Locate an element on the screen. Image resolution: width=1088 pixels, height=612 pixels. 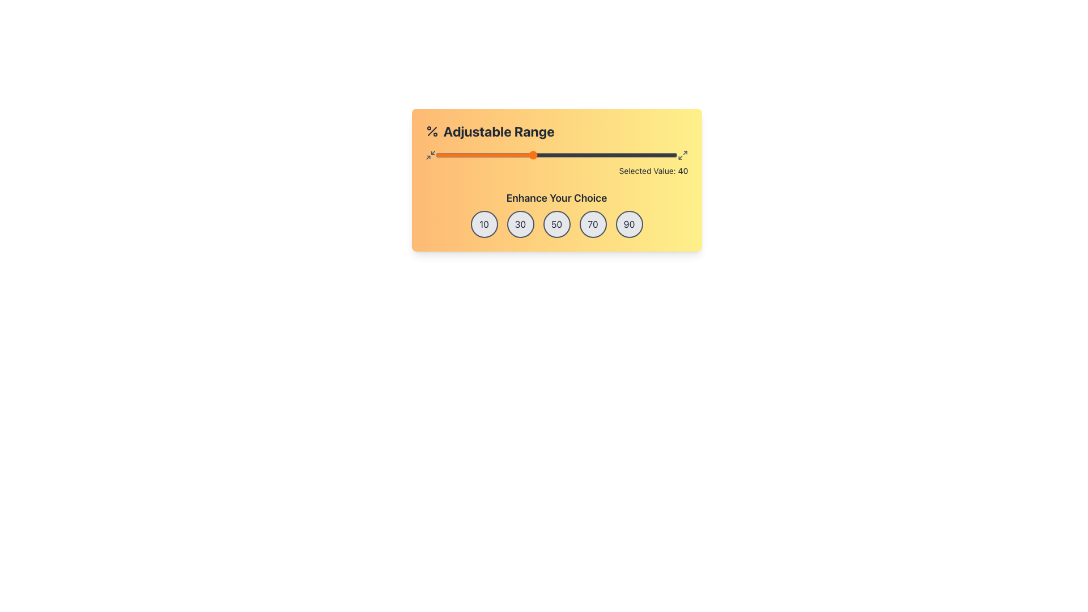
the slider value is located at coordinates (611, 155).